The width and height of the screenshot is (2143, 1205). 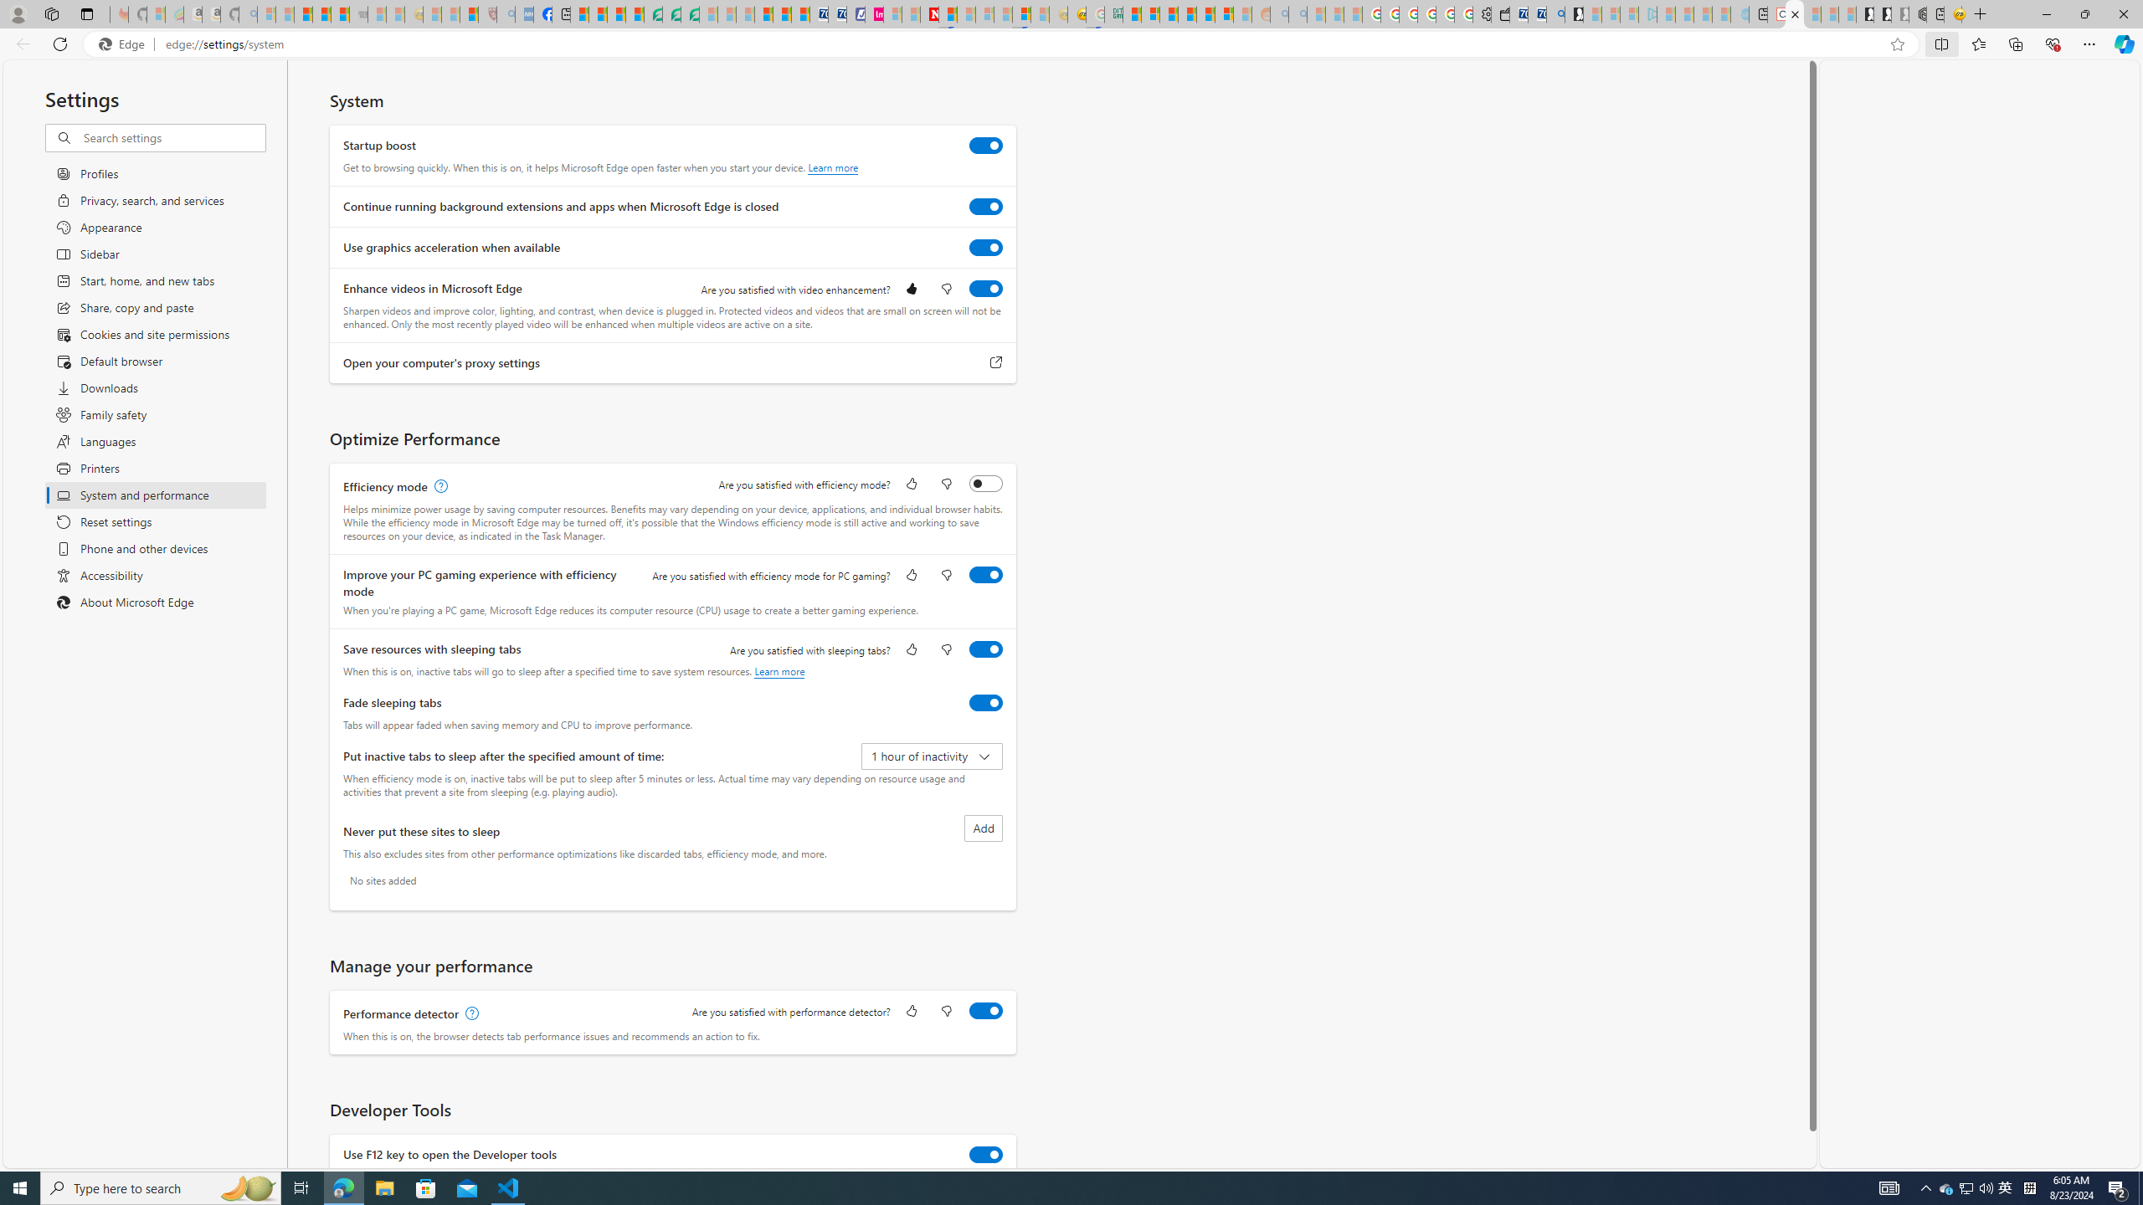 I want to click on 'Minimize', so click(x=2045, y=13).